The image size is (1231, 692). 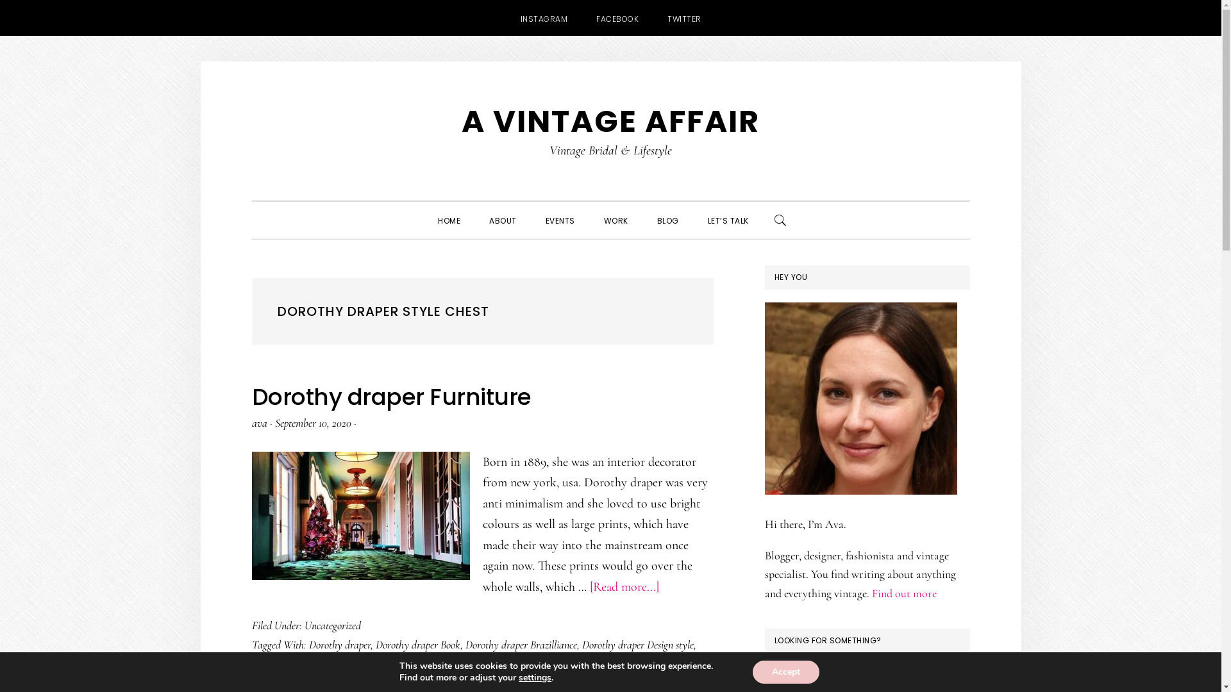 What do you see at coordinates (624, 586) in the screenshot?
I see `'[Read more...]` at bounding box center [624, 586].